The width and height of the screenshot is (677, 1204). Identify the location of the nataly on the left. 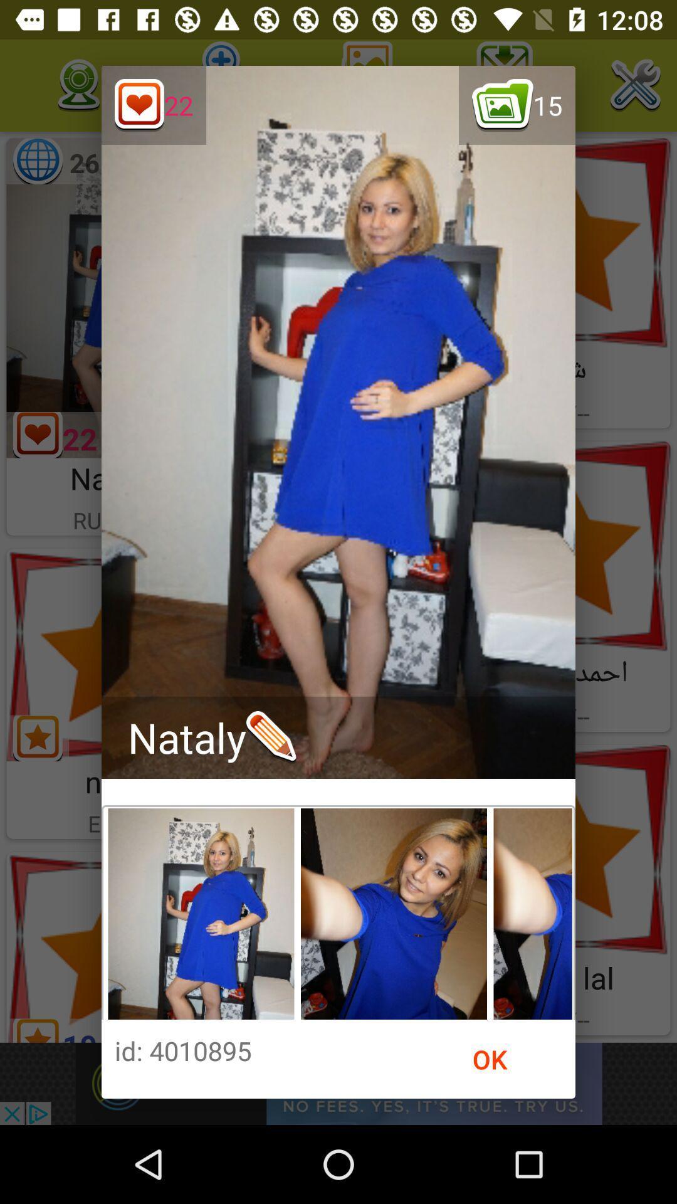
(211, 737).